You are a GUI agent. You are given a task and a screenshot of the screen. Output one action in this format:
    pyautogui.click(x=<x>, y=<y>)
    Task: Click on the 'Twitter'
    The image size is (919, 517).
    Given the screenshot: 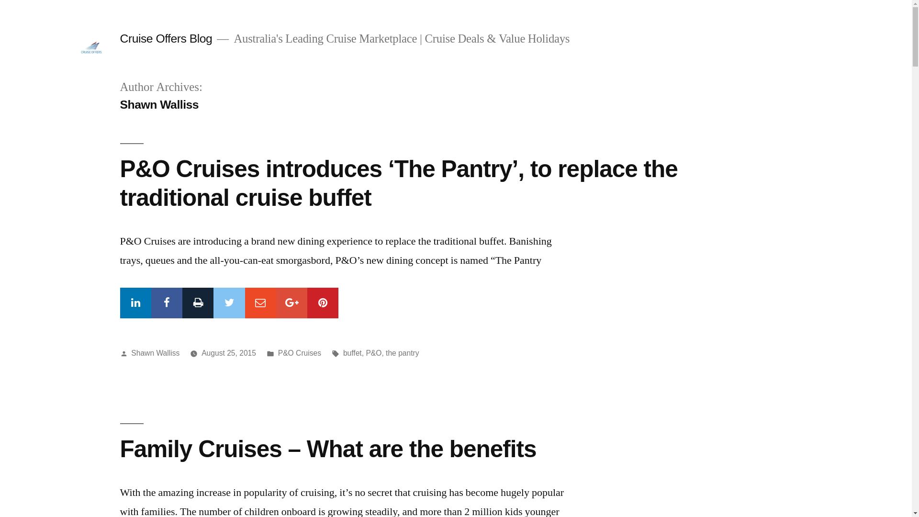 What is the action you would take?
    pyautogui.click(x=228, y=303)
    